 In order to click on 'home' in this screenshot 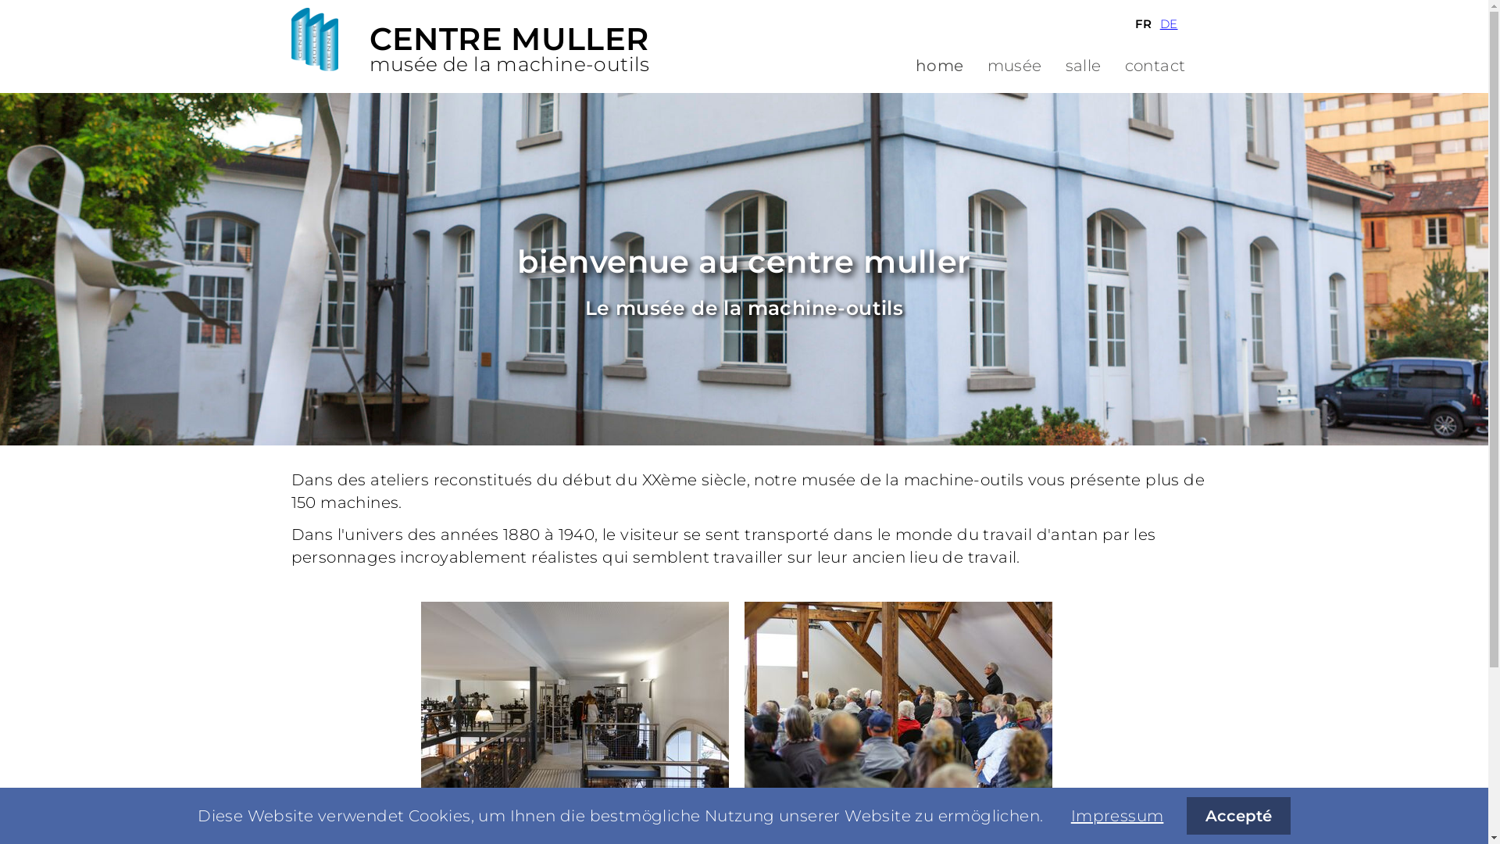, I will do `click(939, 65)`.